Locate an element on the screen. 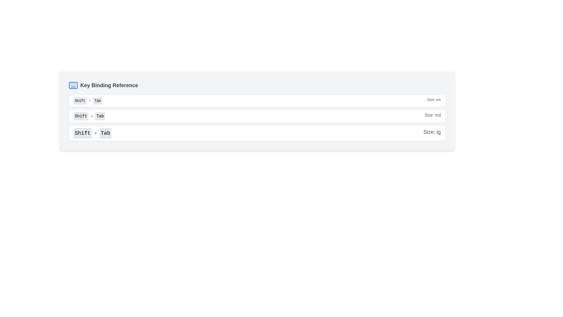 The height and width of the screenshot is (317, 563). the interactive display button labeled 'Shift+Tab' with a size indication of 'Size: lg', which is the last item in a vertical list of similar buttons is located at coordinates (257, 133).